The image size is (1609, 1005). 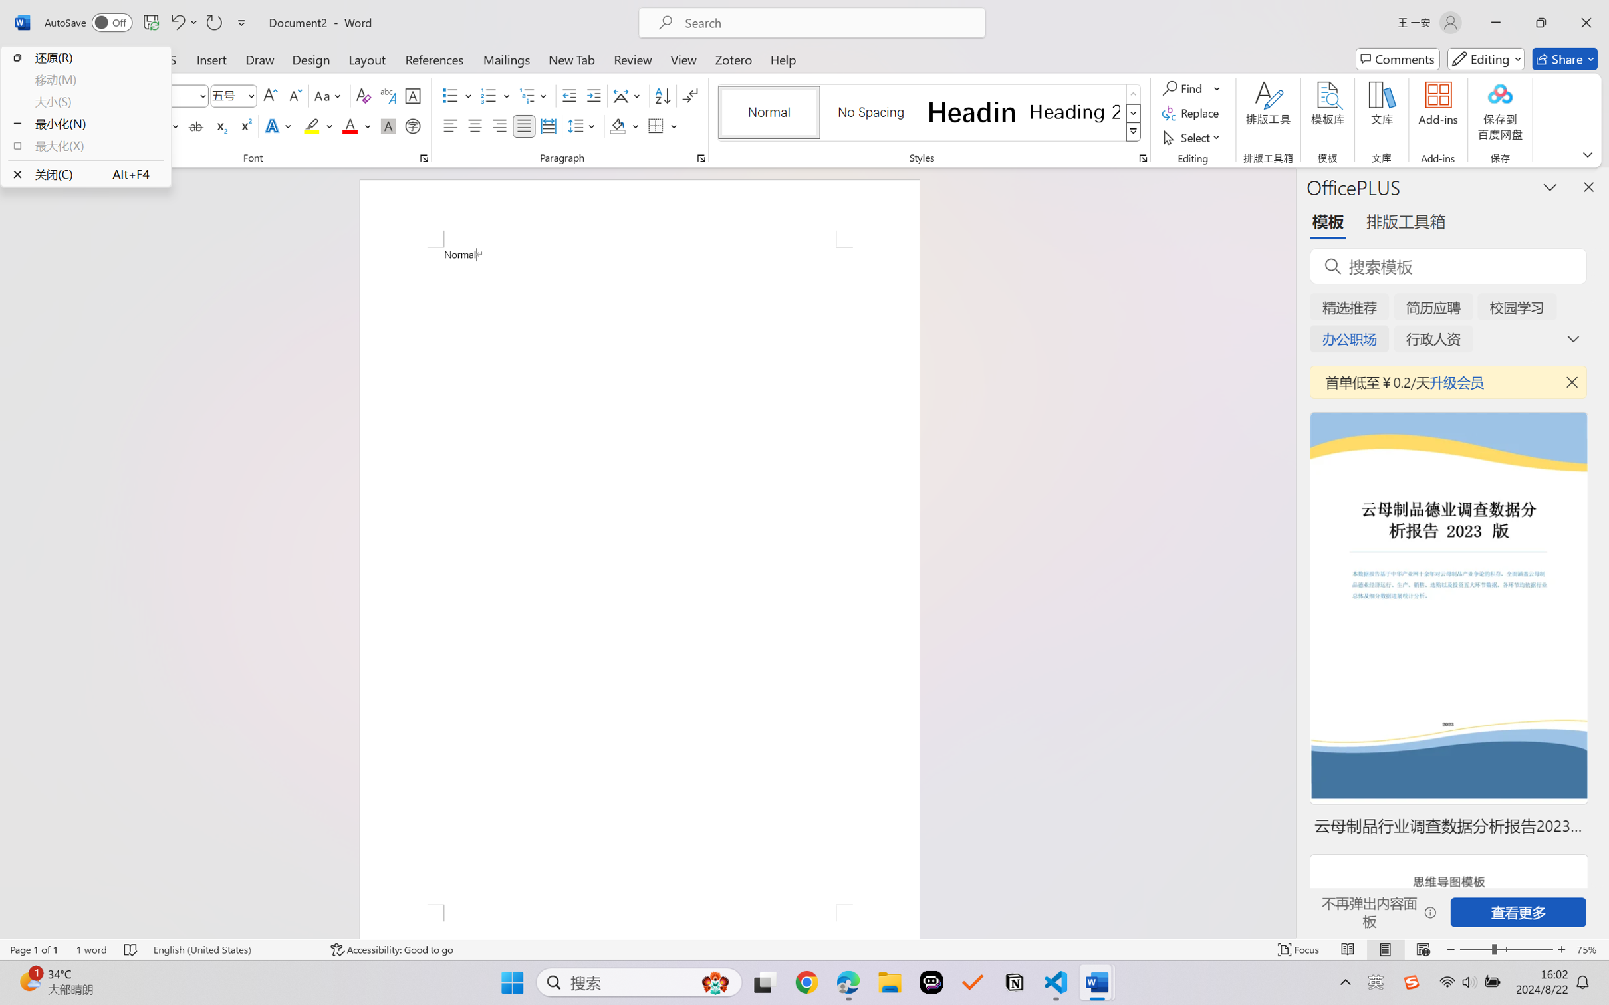 What do you see at coordinates (362, 96) in the screenshot?
I see `'Clear Formatting'` at bounding box center [362, 96].